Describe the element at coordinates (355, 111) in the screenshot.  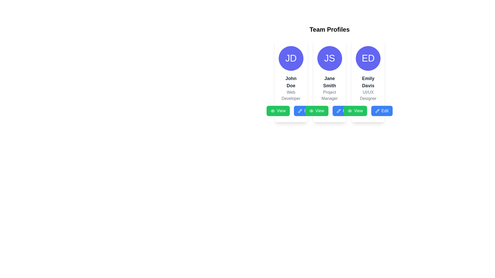
I see `the 'View' button located on the left side of the button set for user 'Emily Davis' to invoke the view functionality` at that location.